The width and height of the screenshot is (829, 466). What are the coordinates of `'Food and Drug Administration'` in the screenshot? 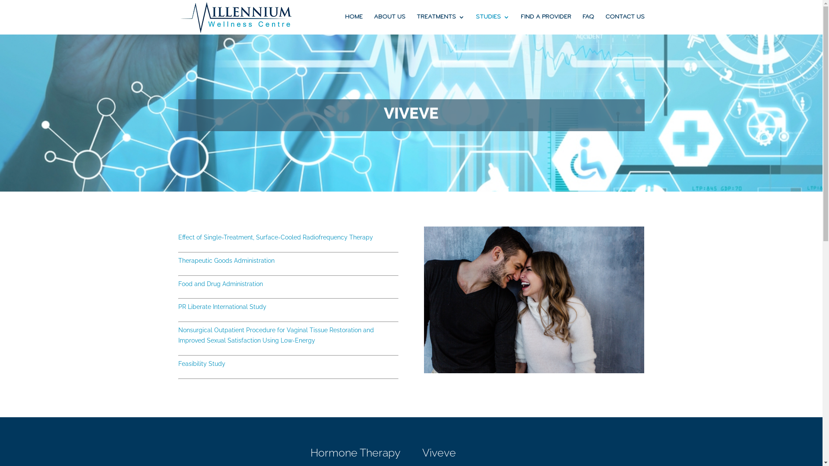 It's located at (220, 284).